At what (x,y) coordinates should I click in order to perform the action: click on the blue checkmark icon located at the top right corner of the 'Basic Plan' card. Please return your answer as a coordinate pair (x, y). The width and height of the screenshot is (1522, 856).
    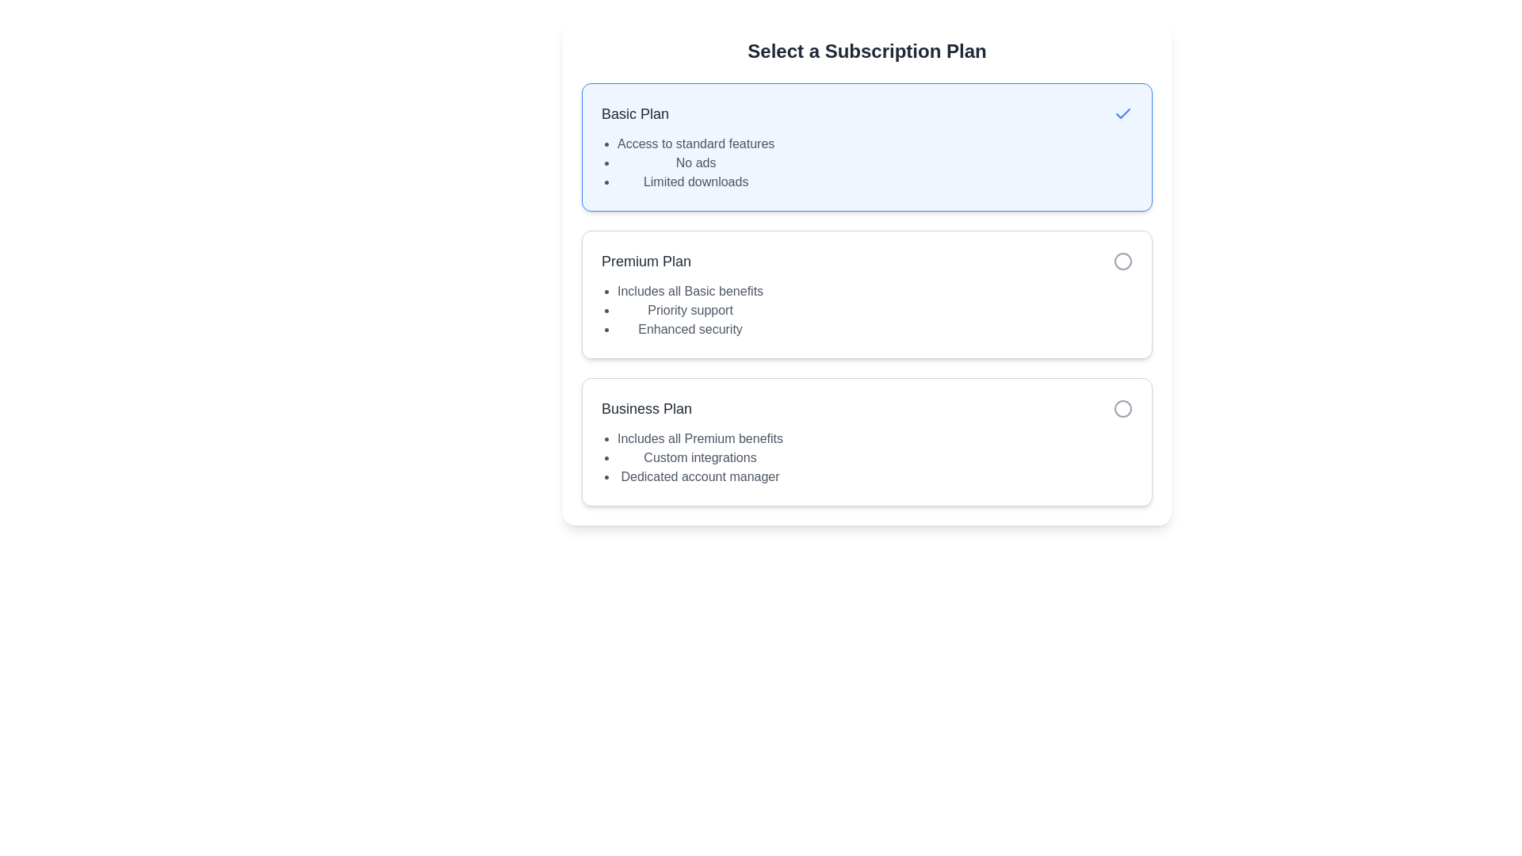
    Looking at the image, I should click on (1122, 113).